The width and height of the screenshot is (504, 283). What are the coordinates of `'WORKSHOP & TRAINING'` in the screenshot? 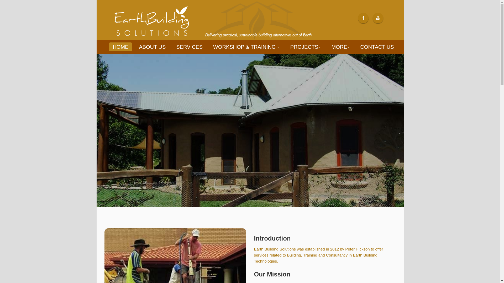 It's located at (209, 46).